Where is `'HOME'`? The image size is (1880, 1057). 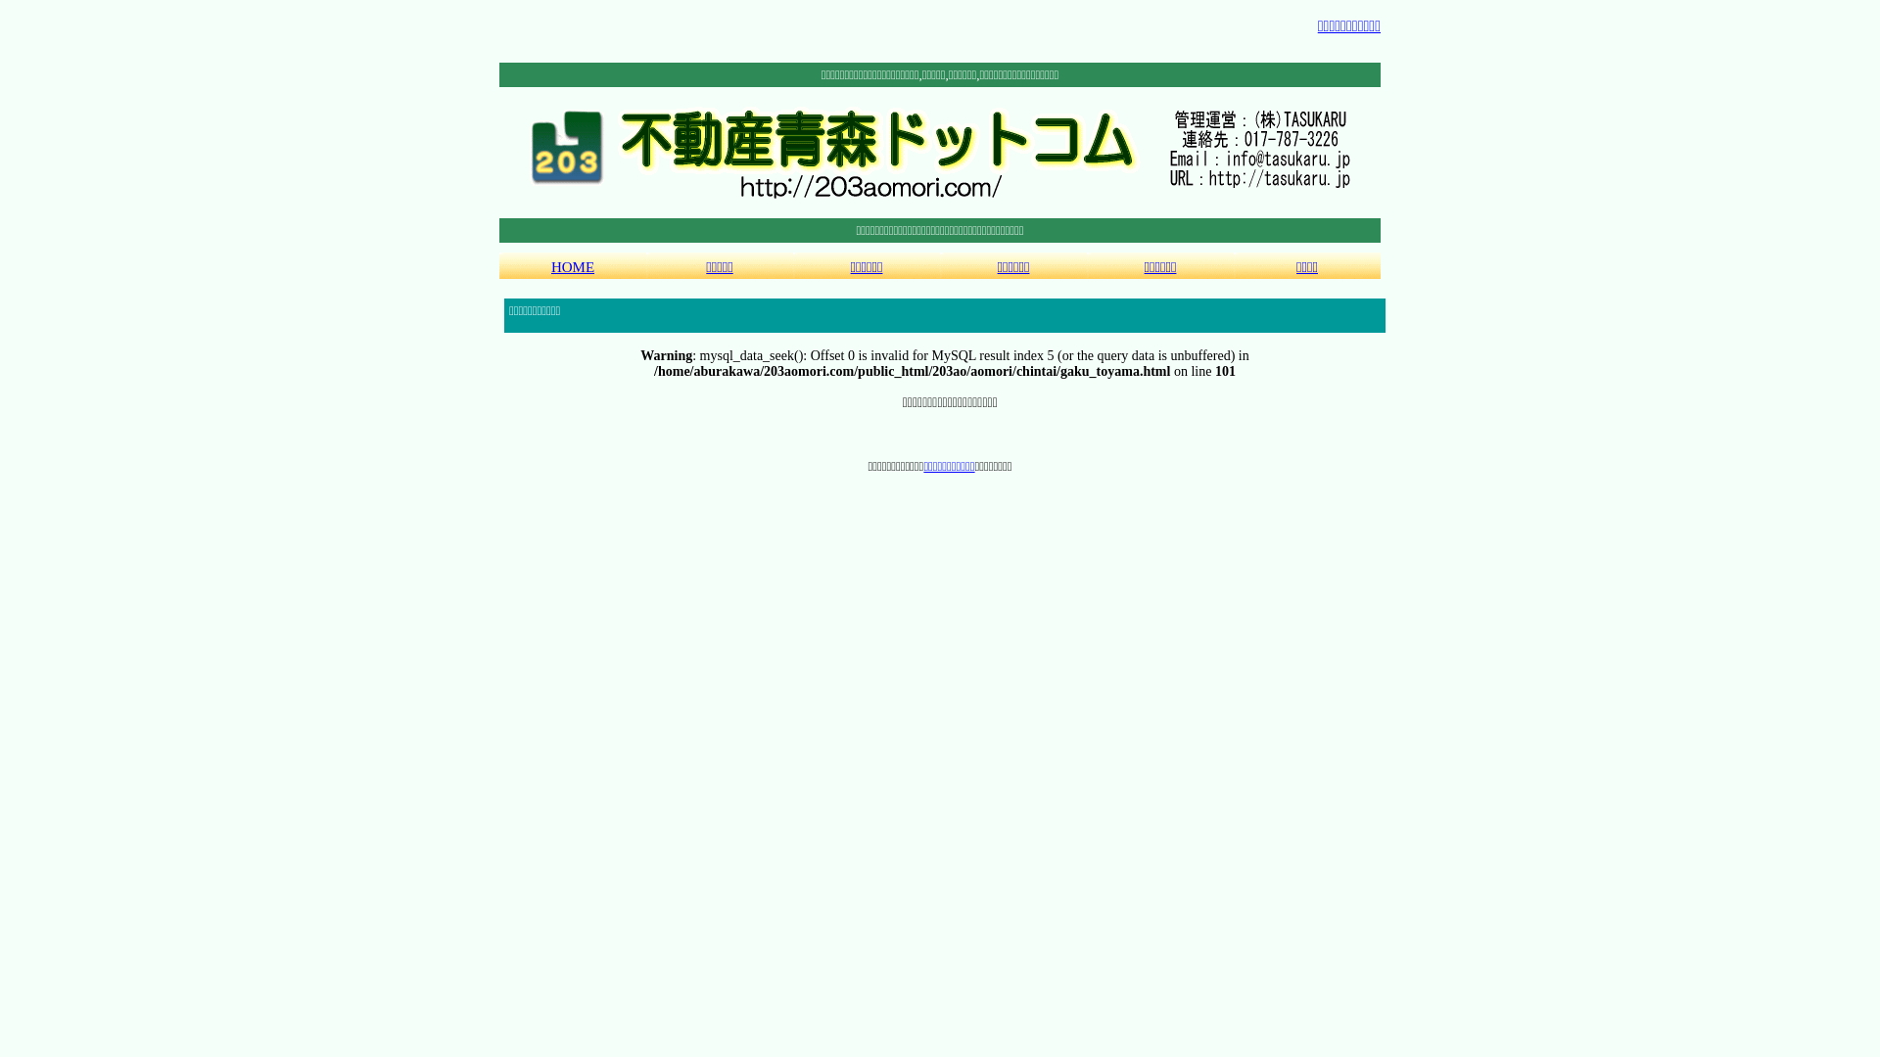
'HOME' is located at coordinates (572, 265).